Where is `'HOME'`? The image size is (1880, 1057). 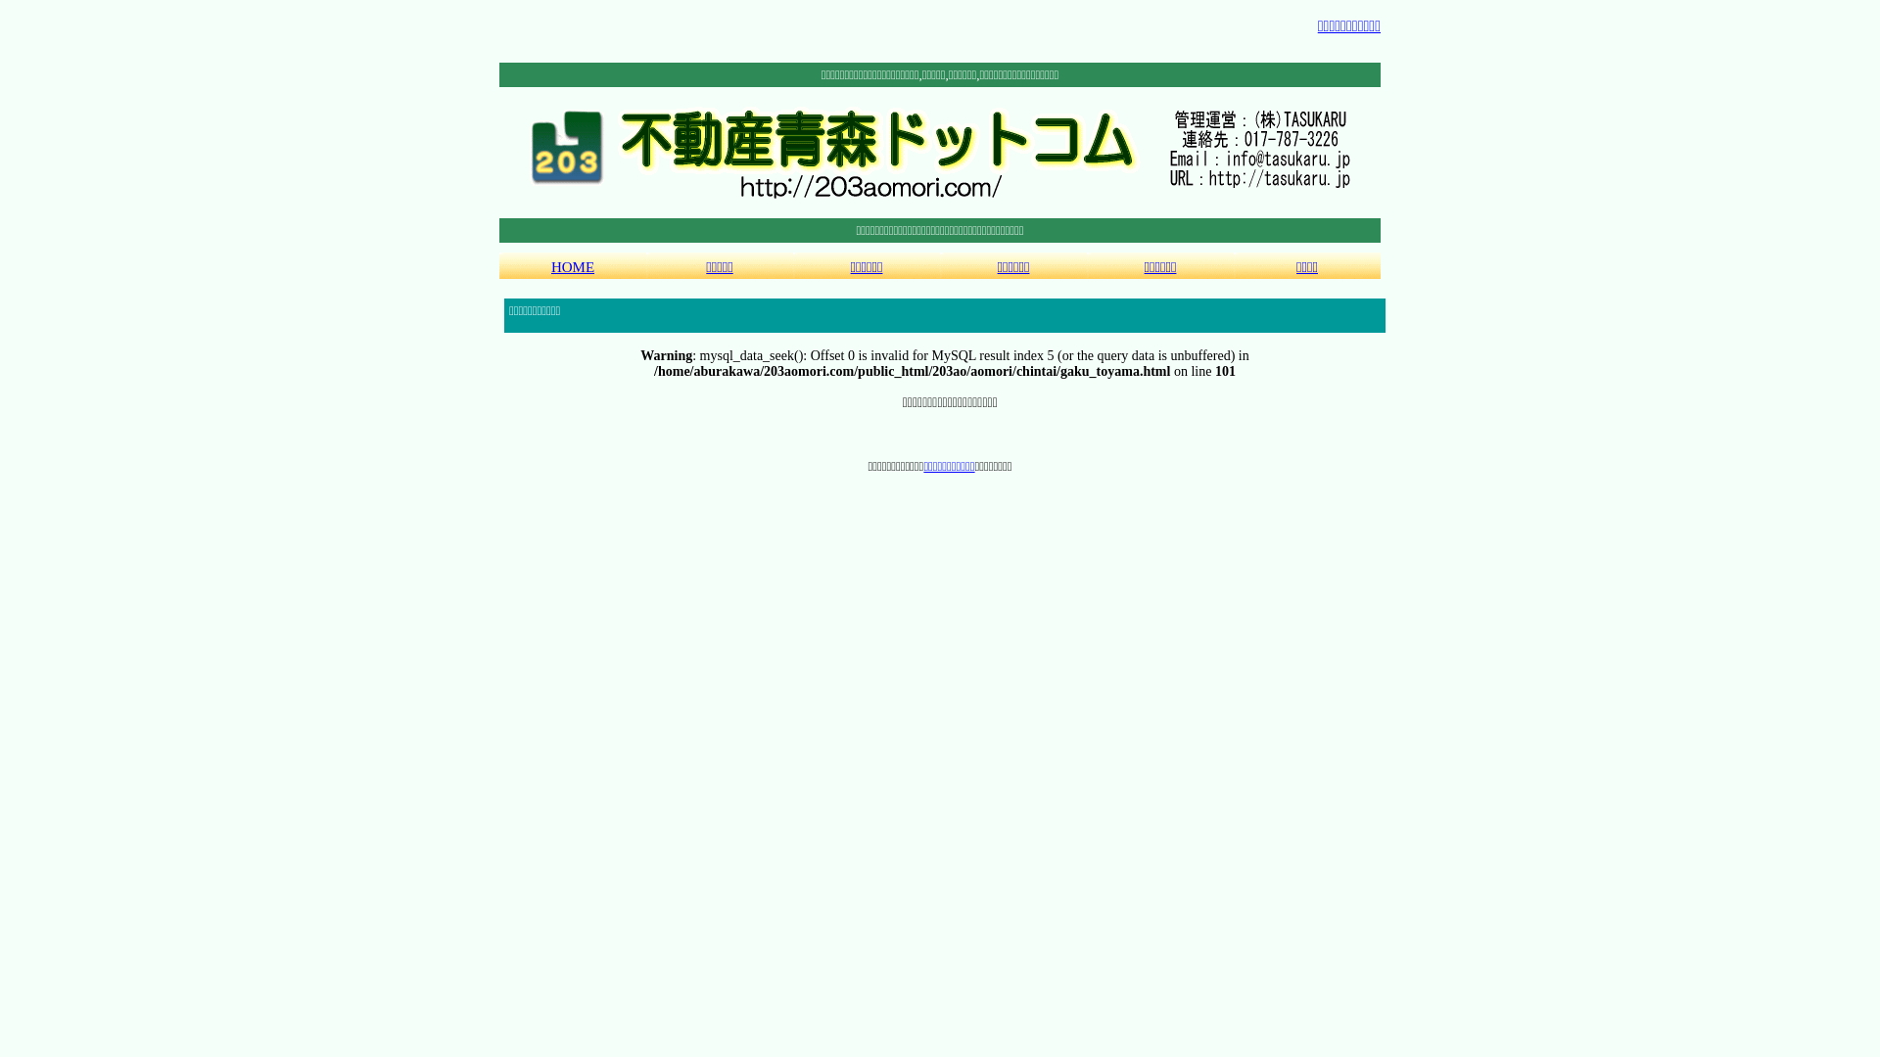
'HOME' is located at coordinates (572, 265).